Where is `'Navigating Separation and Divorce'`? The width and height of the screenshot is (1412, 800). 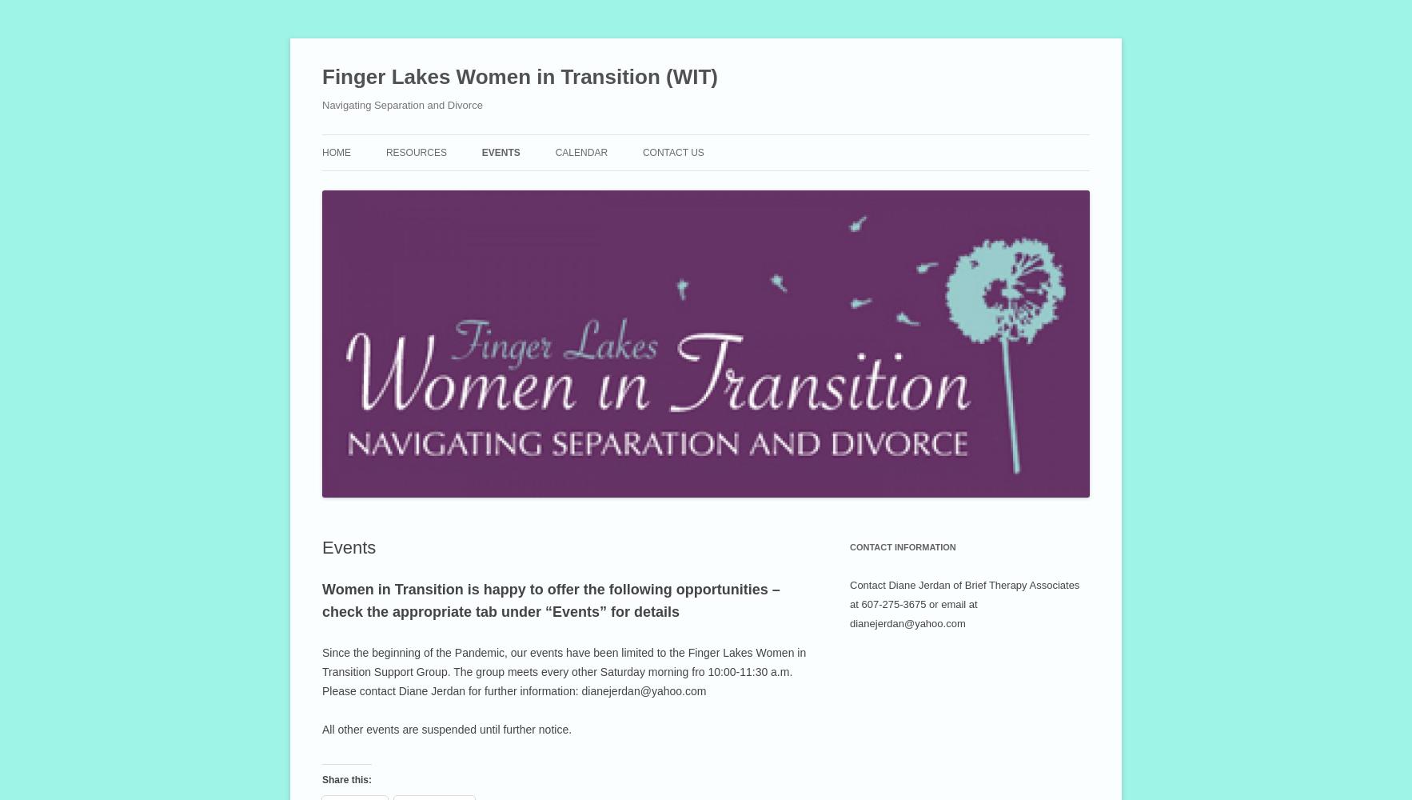
'Navigating Separation and Divorce' is located at coordinates (321, 105).